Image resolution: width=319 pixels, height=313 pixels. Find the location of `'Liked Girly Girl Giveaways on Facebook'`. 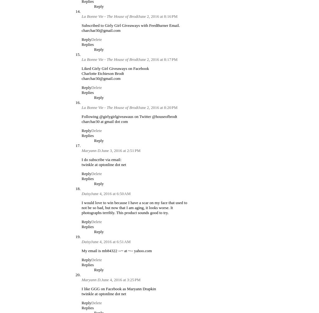

'Liked Girly Girl Giveaways on Facebook' is located at coordinates (115, 68).